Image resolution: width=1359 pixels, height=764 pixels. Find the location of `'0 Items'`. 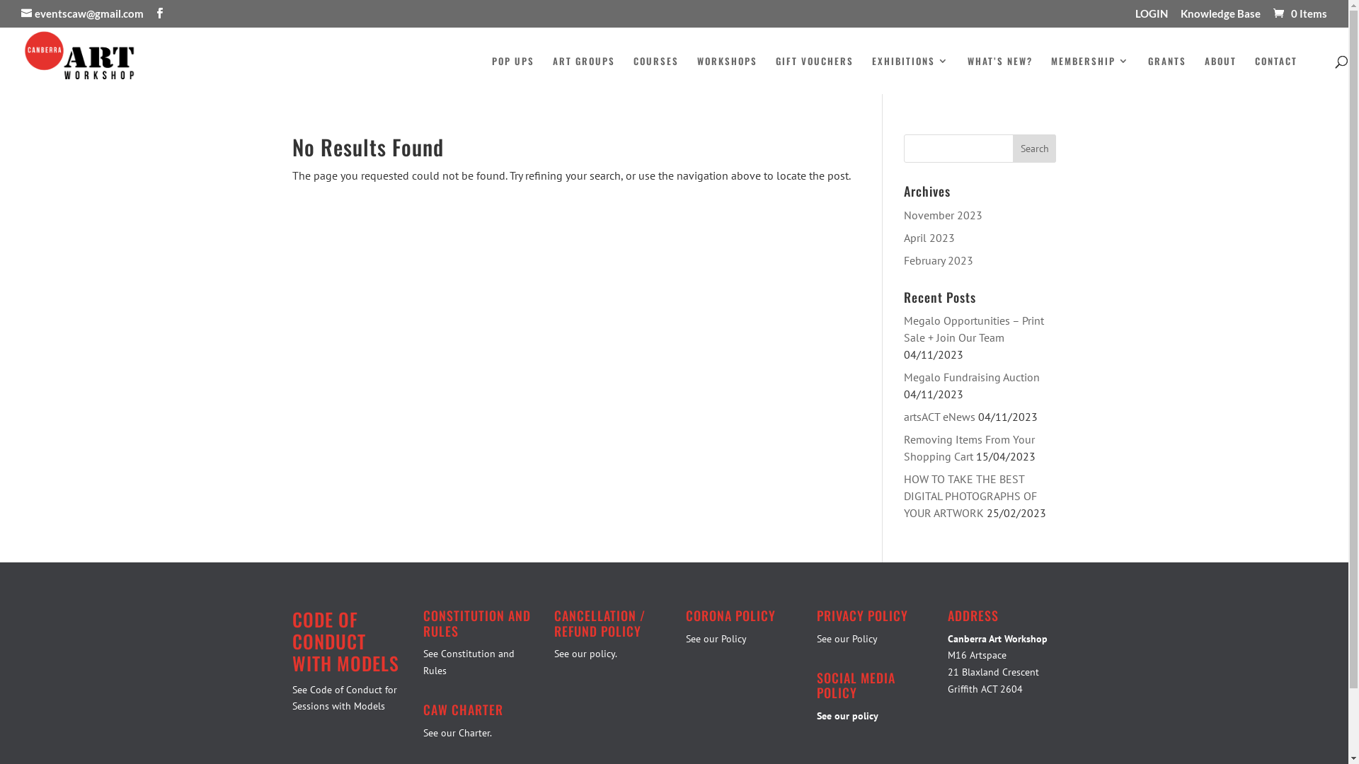

'0 Items' is located at coordinates (1299, 13).